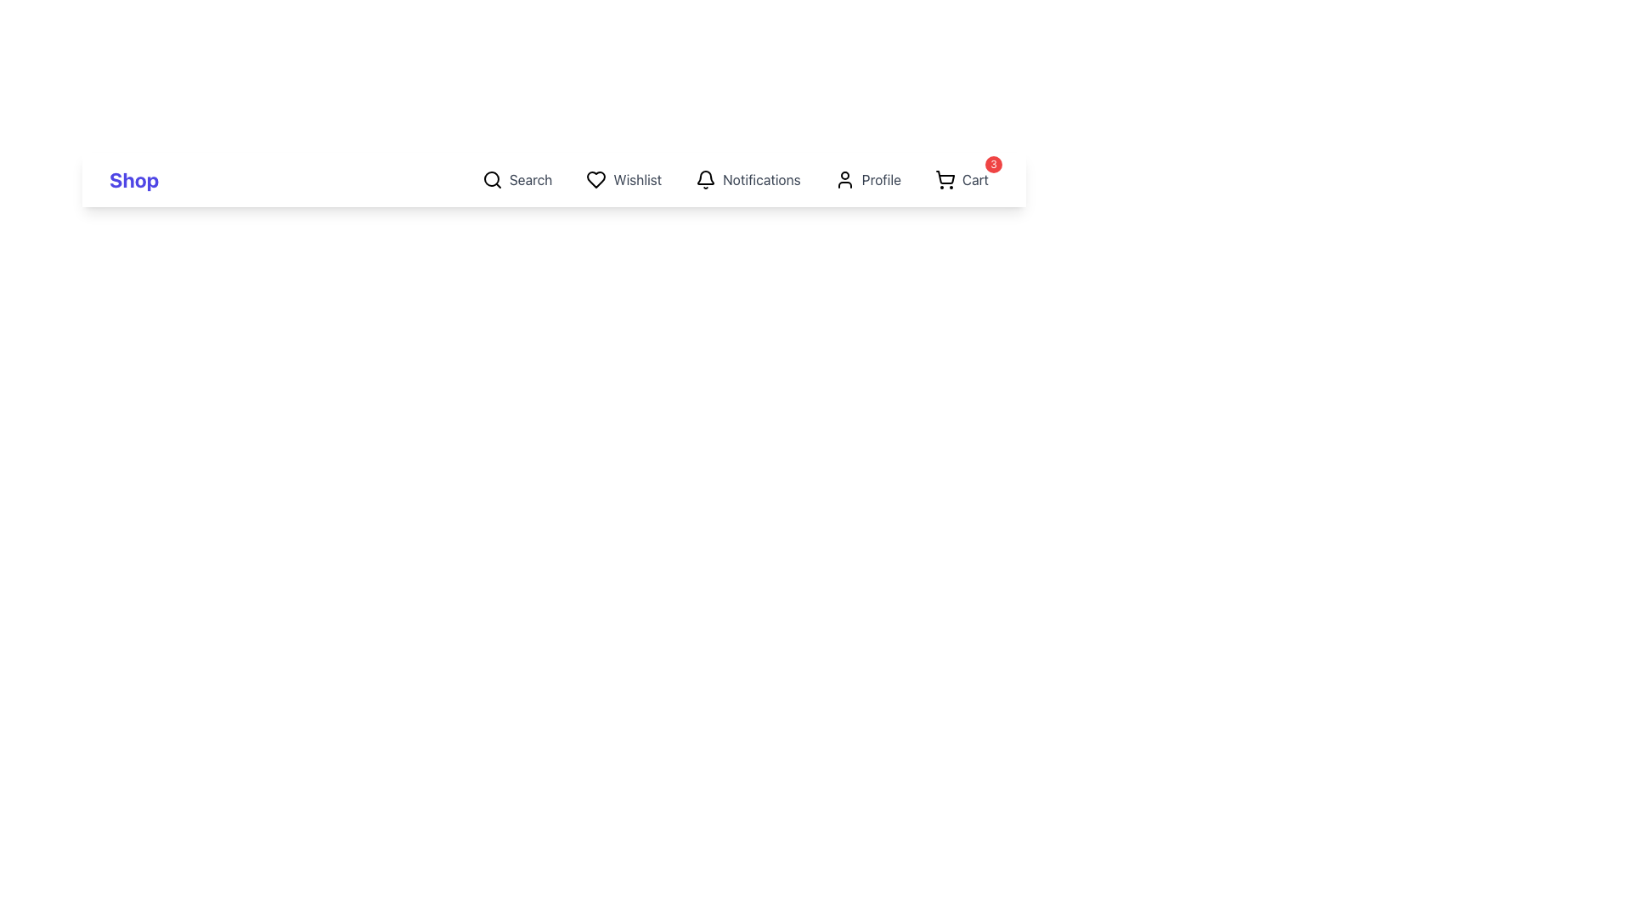  I want to click on the heart icon located in the navigation bar, so click(595, 180).